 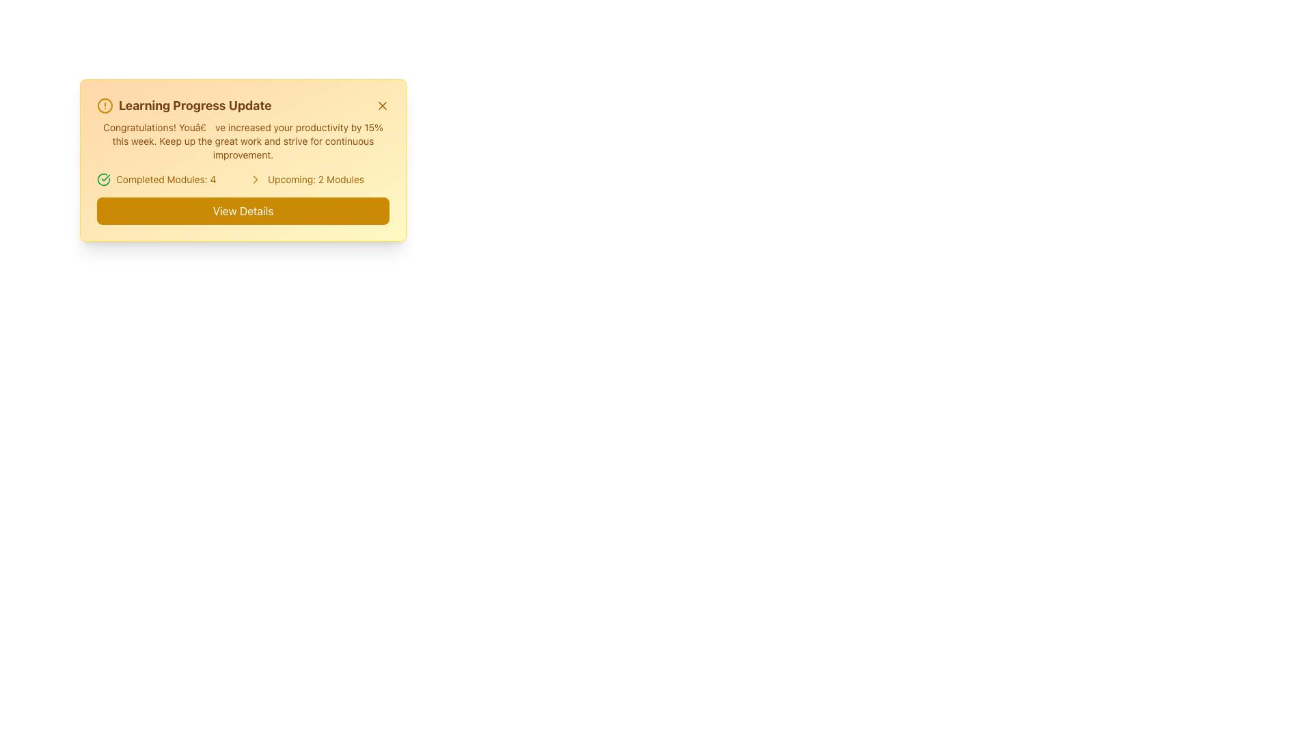 I want to click on the green circular icon with a checkmark inside, located next to the 'Completed Modules: 4' text in the Learning Progress Update message, so click(x=103, y=178).